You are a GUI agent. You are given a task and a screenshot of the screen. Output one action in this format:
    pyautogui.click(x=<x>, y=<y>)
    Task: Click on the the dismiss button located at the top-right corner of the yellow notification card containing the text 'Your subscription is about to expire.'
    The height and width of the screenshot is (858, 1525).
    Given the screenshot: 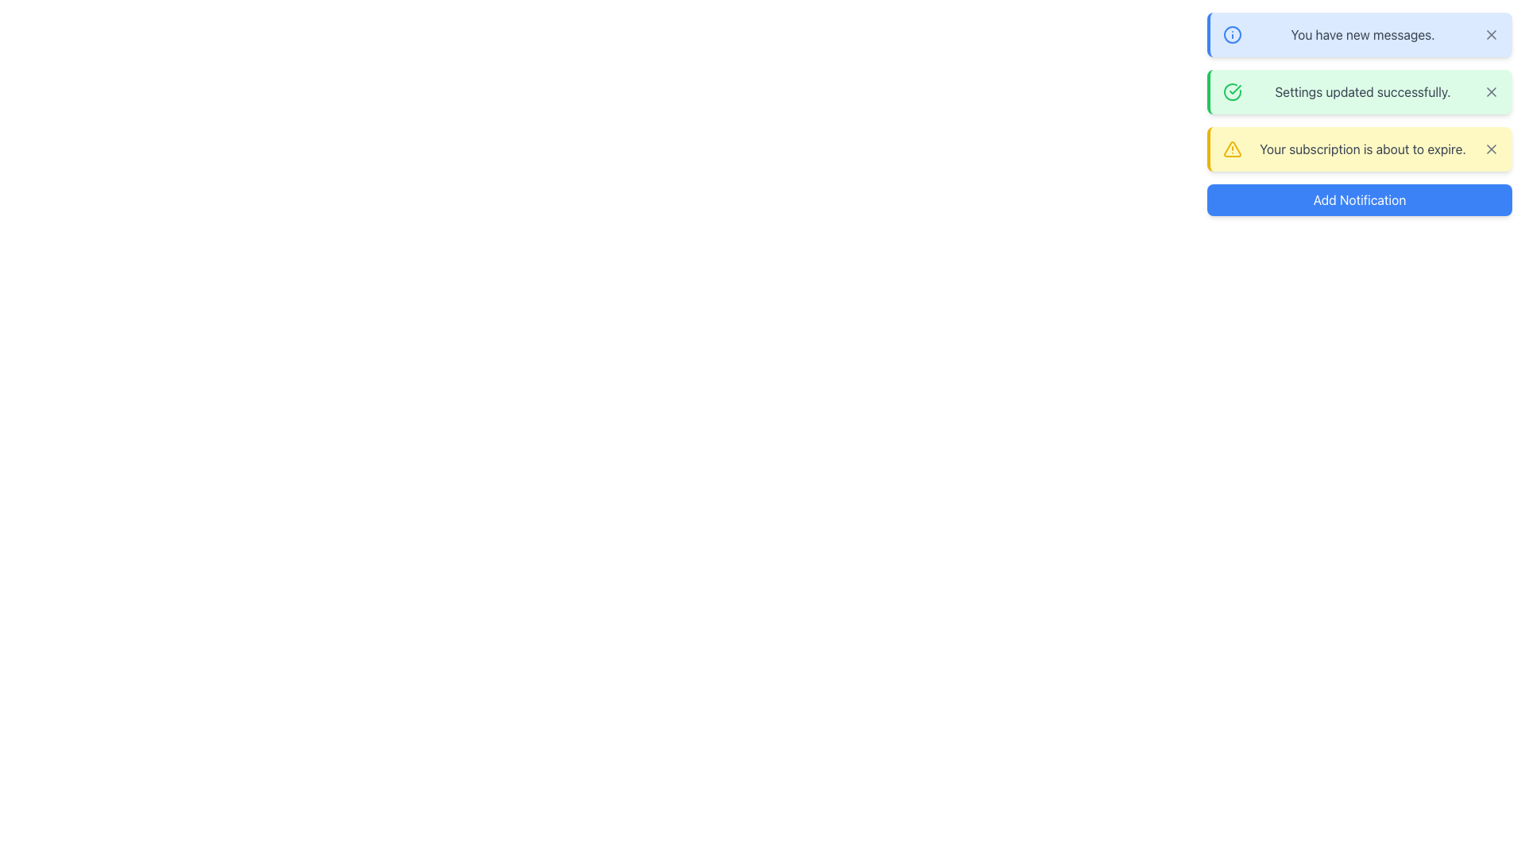 What is the action you would take?
    pyautogui.click(x=1490, y=149)
    